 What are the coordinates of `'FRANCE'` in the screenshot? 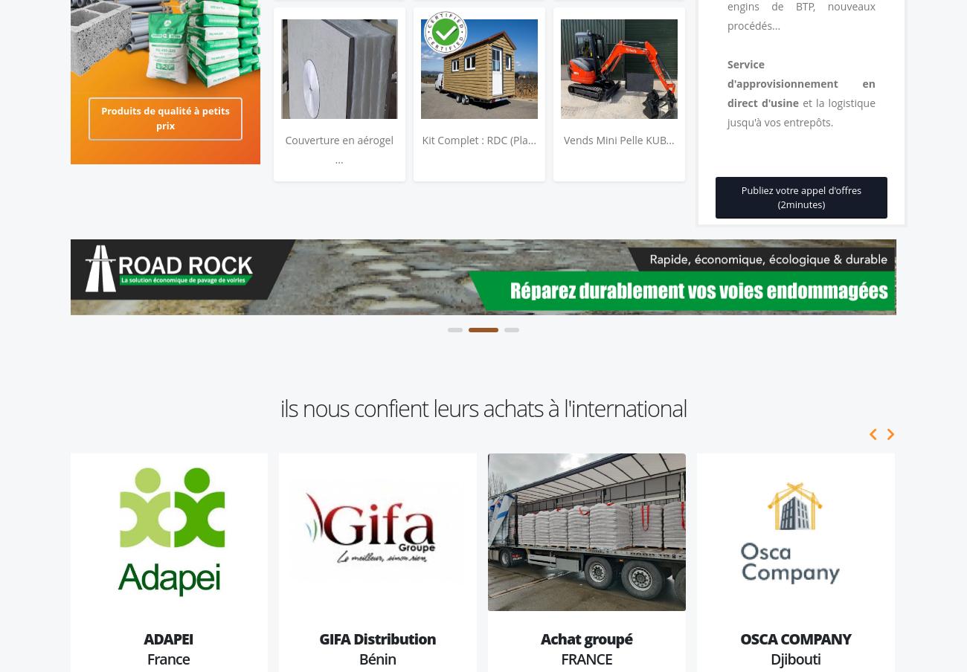 It's located at (585, 659).